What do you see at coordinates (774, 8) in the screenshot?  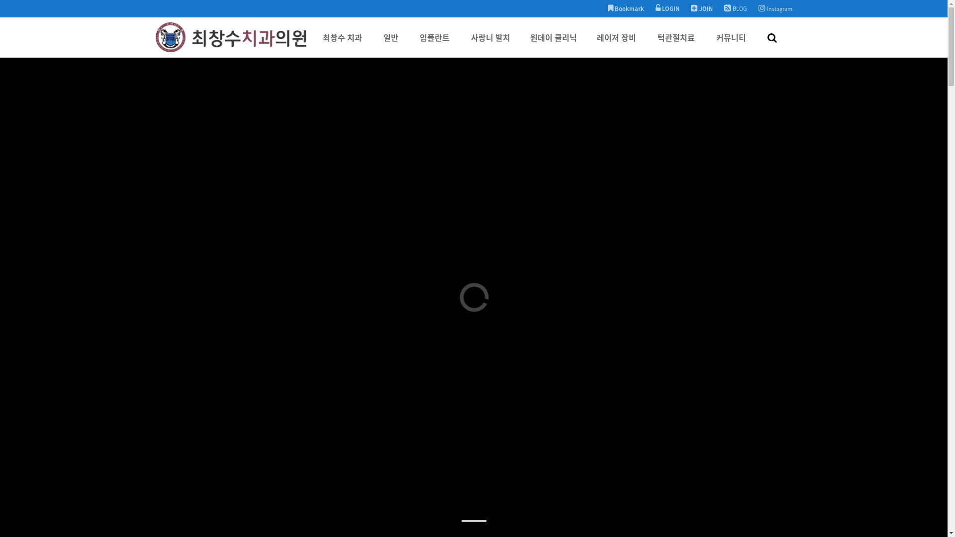 I see `'Instagram'` at bounding box center [774, 8].